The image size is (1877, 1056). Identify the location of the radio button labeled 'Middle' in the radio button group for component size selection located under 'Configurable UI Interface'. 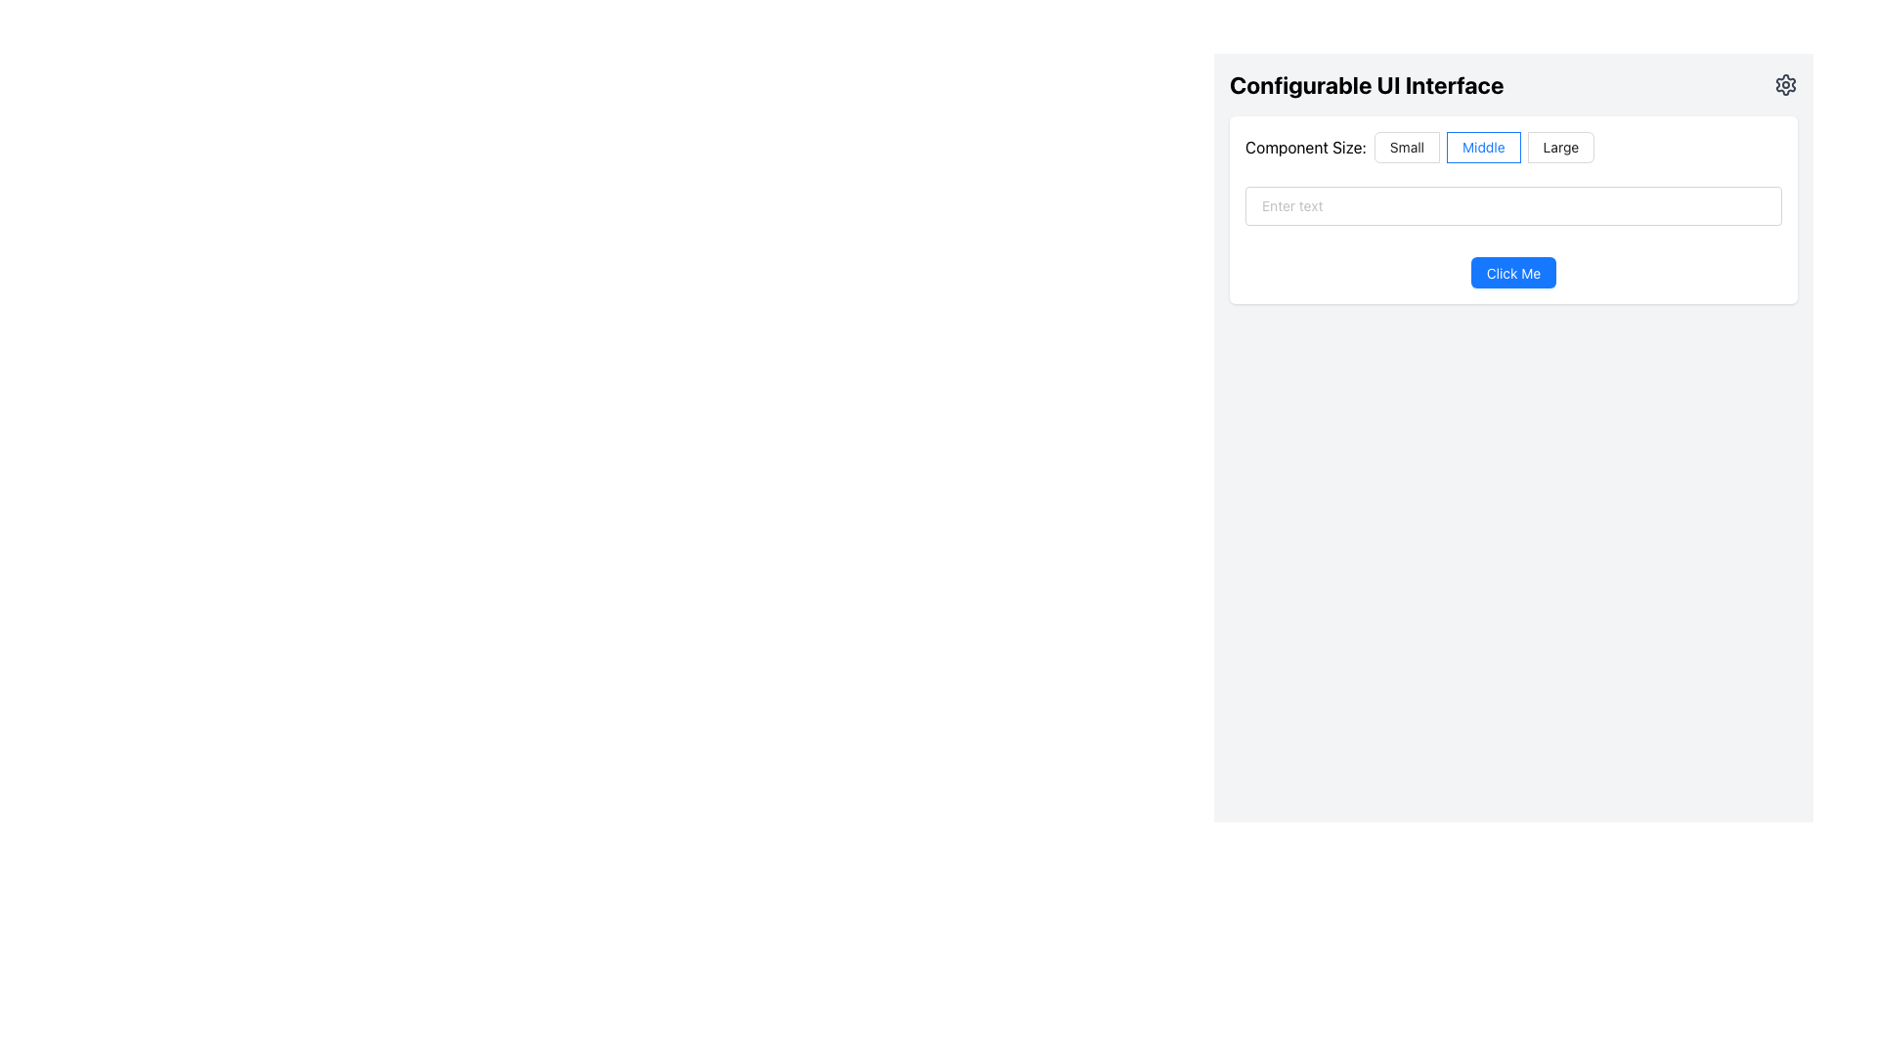
(1512, 146).